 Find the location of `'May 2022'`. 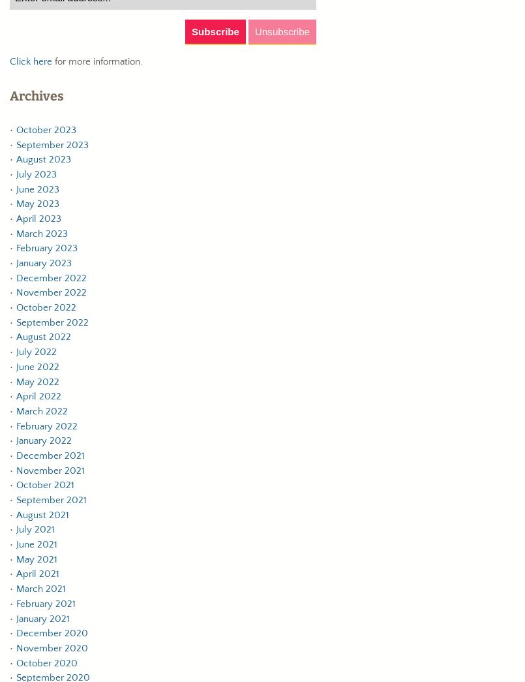

'May 2022' is located at coordinates (37, 380).